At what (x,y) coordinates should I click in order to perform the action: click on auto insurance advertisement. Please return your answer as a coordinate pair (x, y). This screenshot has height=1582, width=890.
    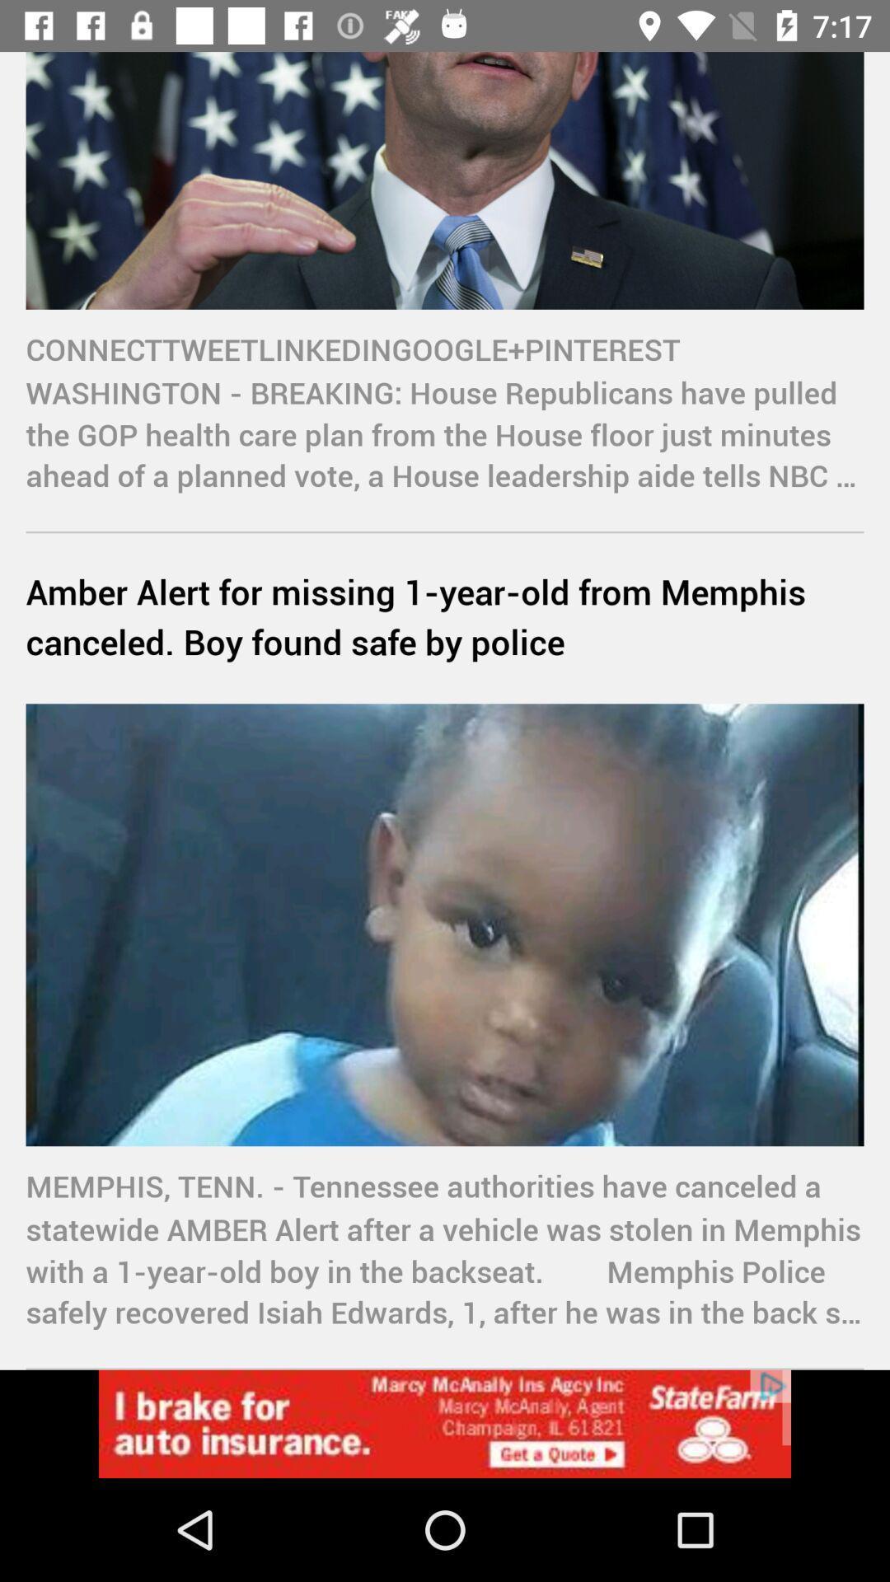
    Looking at the image, I should click on (445, 1423).